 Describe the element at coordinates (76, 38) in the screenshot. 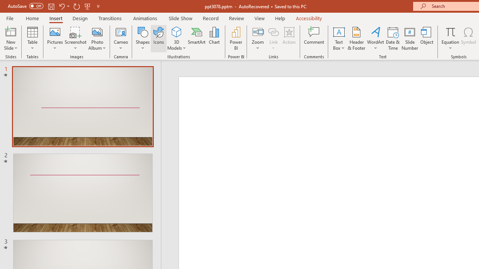

I see `'Screenshot'` at that location.